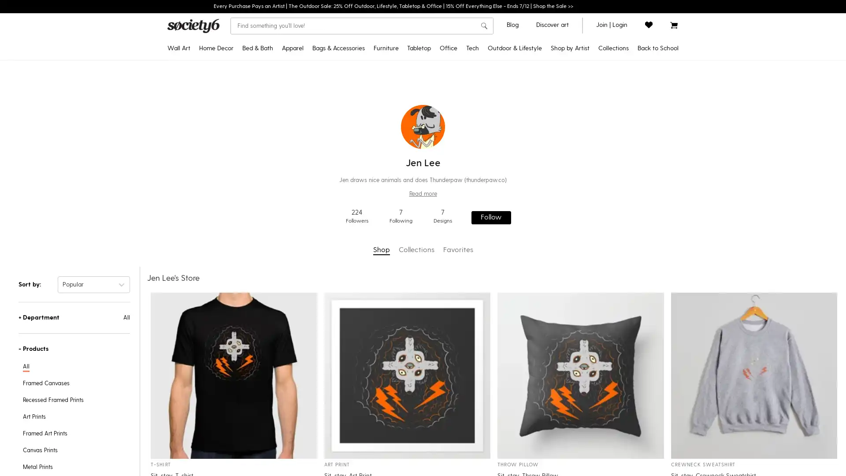  What do you see at coordinates (581, 142) in the screenshot?
I see `Pantone Color of 2022` at bounding box center [581, 142].